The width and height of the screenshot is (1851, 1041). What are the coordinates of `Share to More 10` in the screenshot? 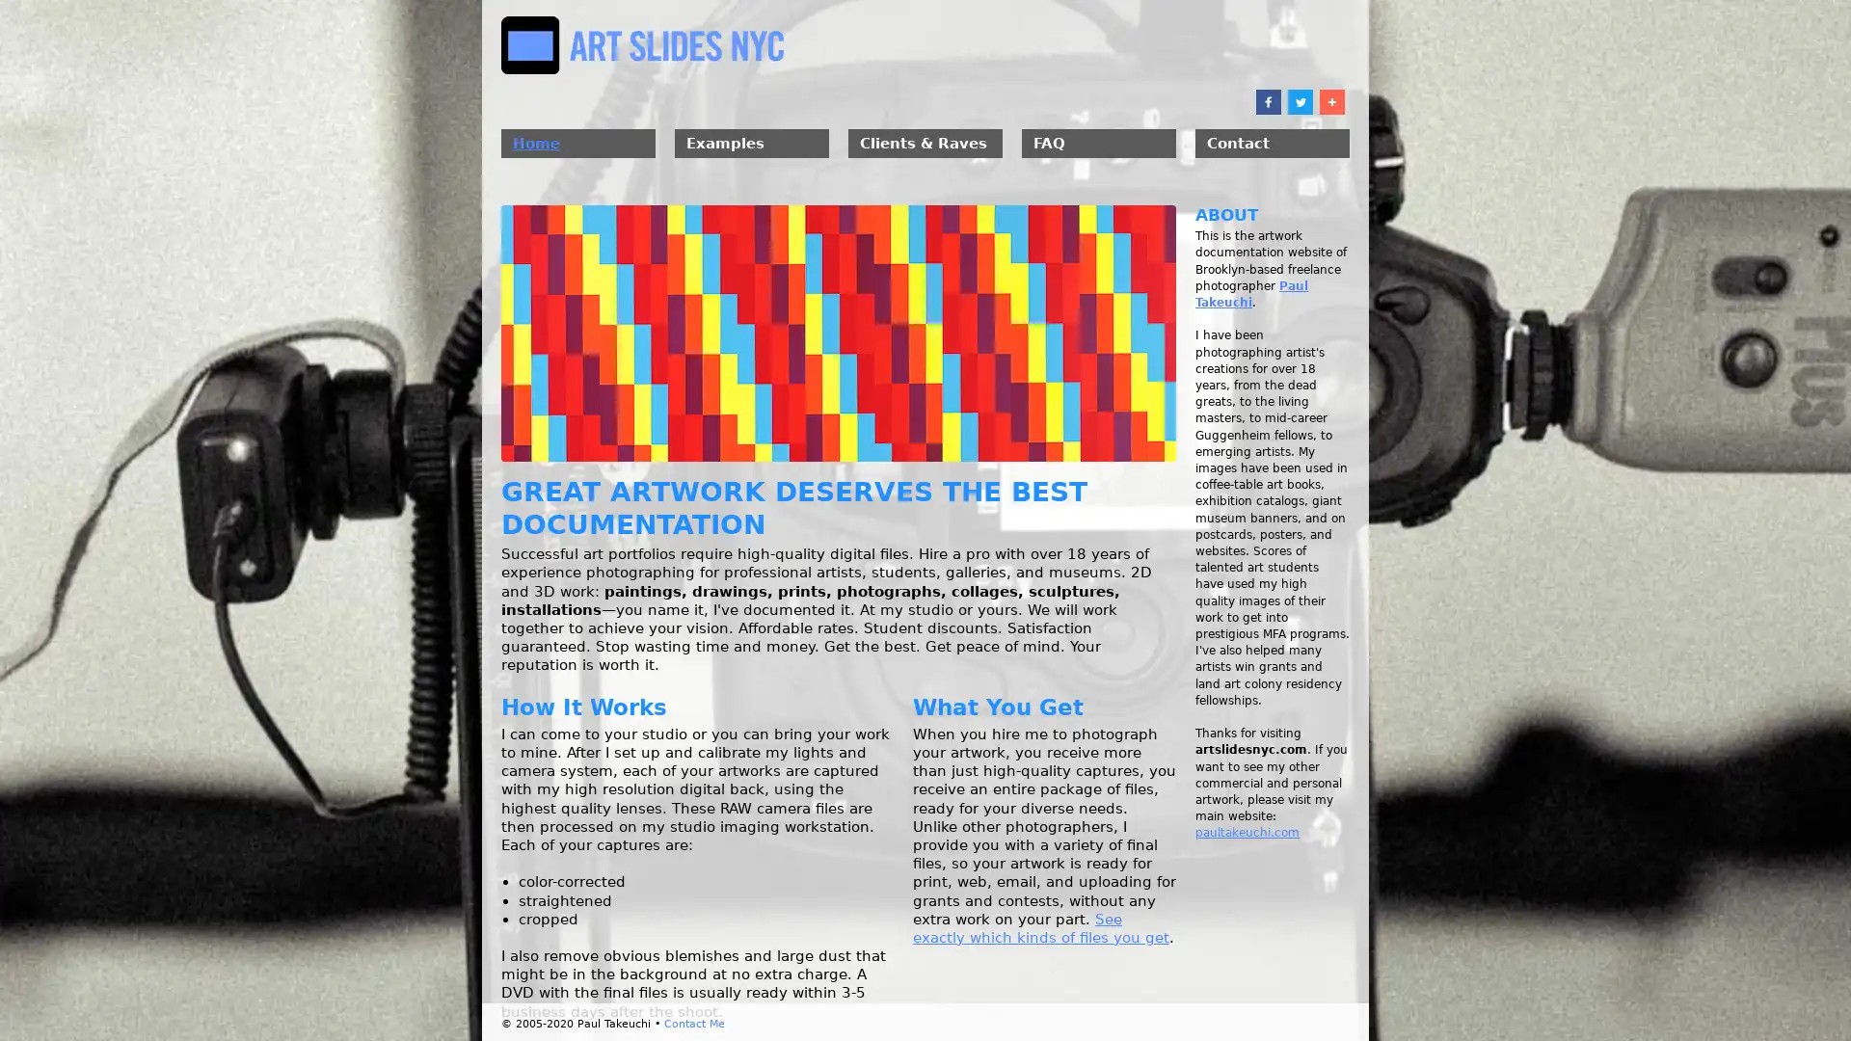 It's located at (1320, 100).